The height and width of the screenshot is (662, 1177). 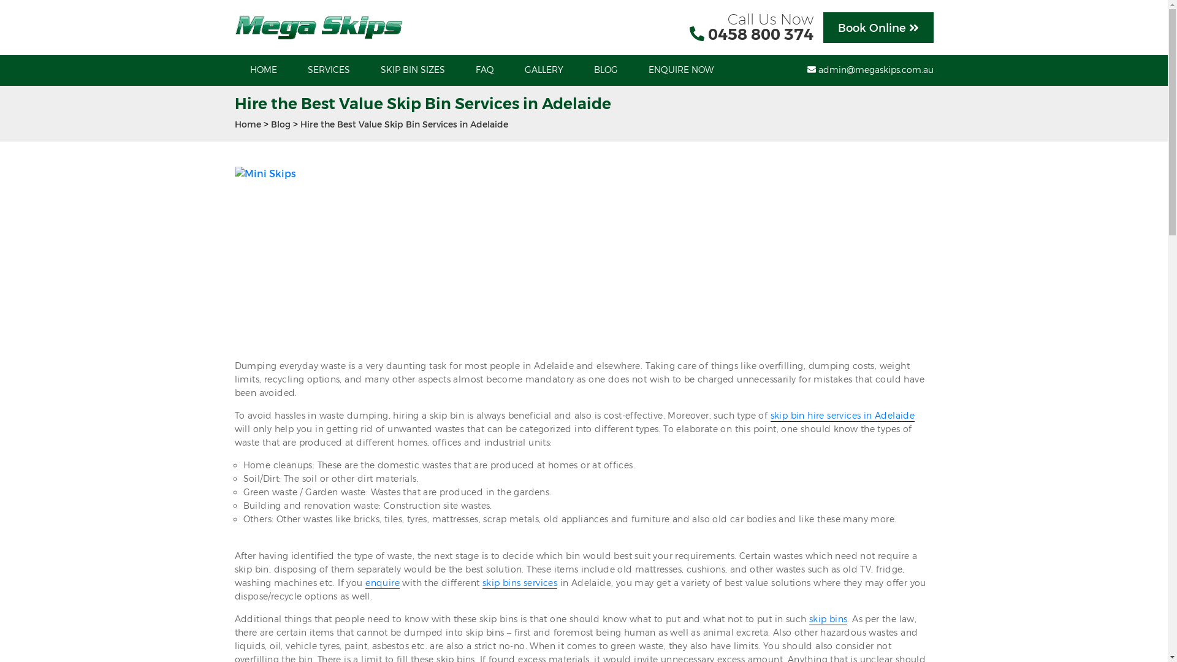 What do you see at coordinates (328, 70) in the screenshot?
I see `'SERVICES'` at bounding box center [328, 70].